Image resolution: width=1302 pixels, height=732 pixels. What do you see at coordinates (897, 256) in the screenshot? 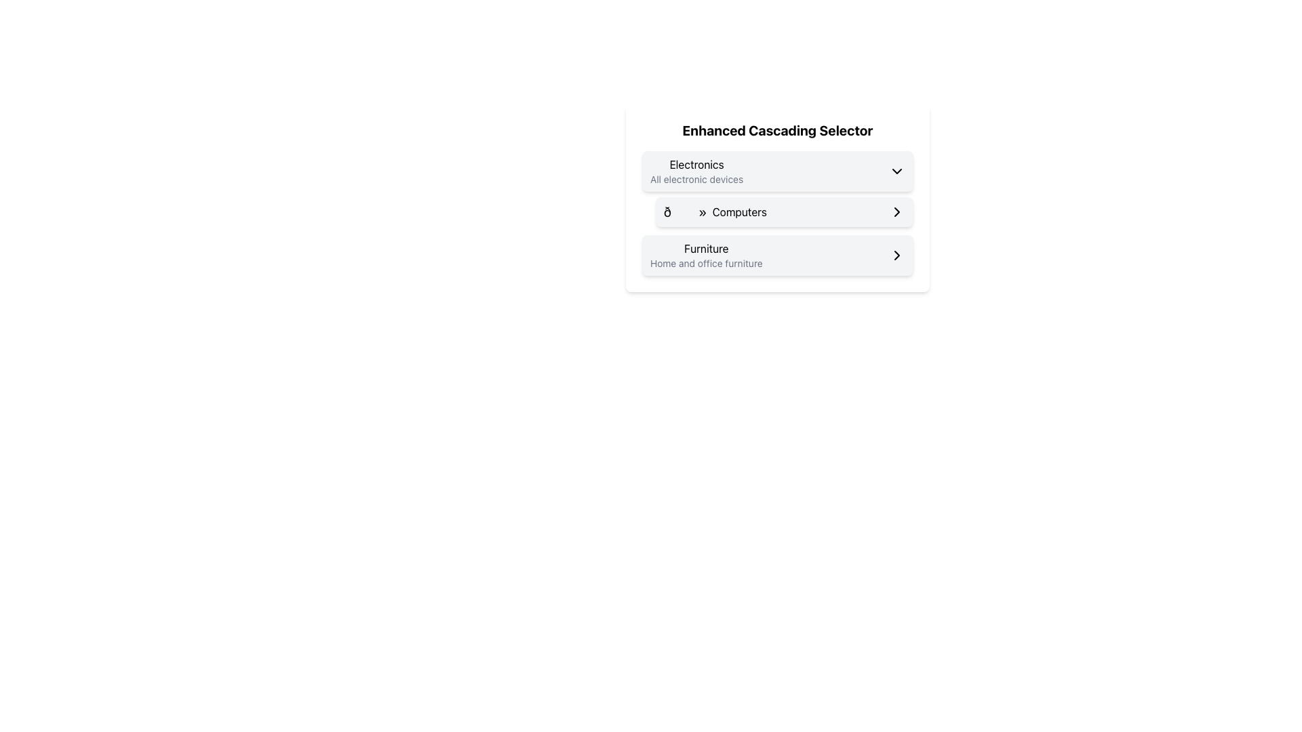
I see `the SVG right chevron icon at the end of the 'Furniture' option` at bounding box center [897, 256].